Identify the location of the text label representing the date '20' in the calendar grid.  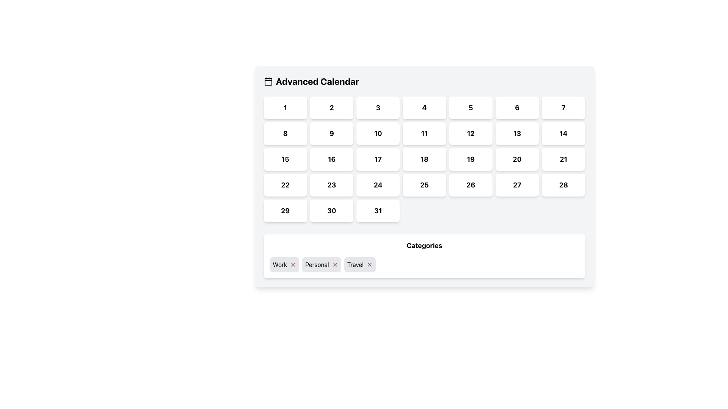
(516, 159).